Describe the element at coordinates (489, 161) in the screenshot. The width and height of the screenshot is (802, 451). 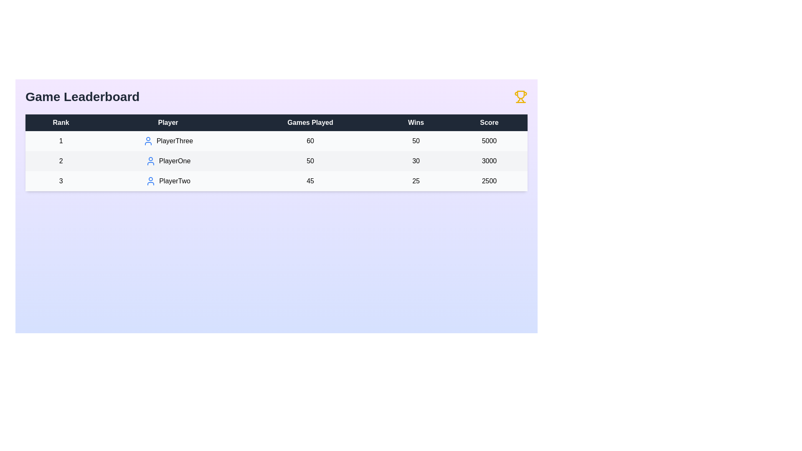
I see `the static text element displaying the score of '3000' for PlayerOne in the leaderboard's score column` at that location.